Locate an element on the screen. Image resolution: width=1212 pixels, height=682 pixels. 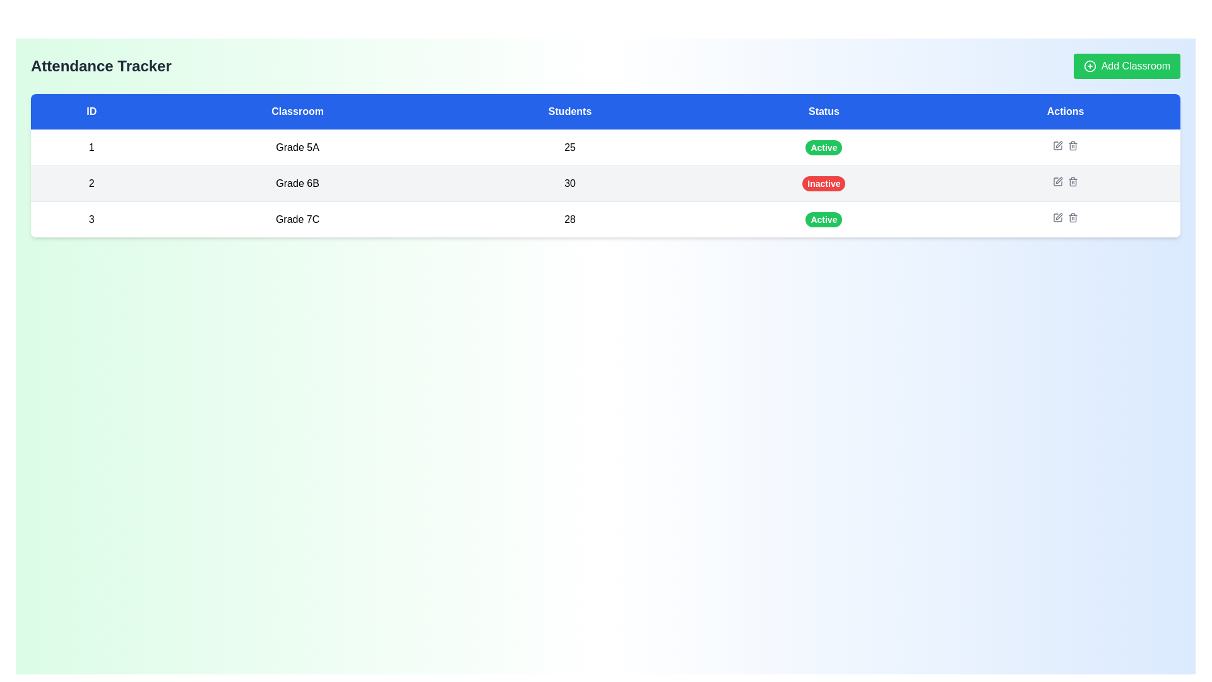
the delete icon button located in the 'Actions' column of the second data row for 'Grade 6B' is located at coordinates (1072, 182).